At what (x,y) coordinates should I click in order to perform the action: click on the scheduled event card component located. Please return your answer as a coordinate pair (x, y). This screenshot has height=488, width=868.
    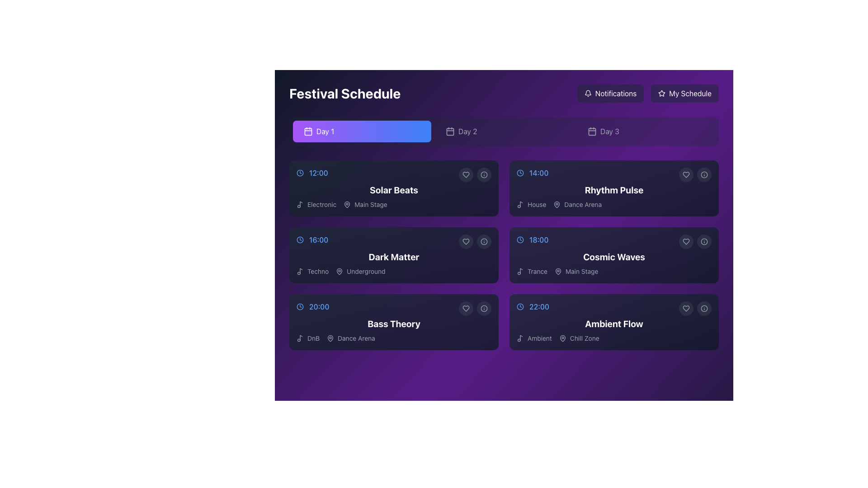
    Looking at the image, I should click on (394, 255).